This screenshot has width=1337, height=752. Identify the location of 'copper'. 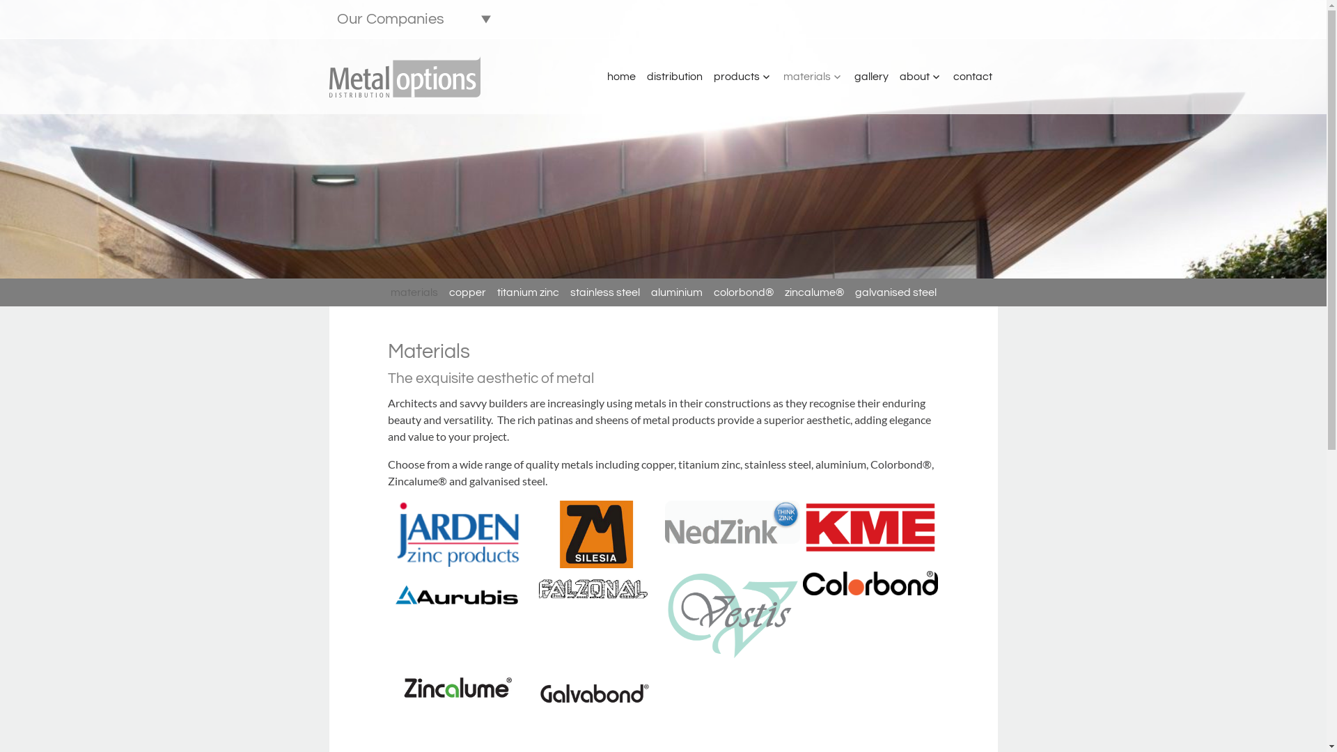
(467, 292).